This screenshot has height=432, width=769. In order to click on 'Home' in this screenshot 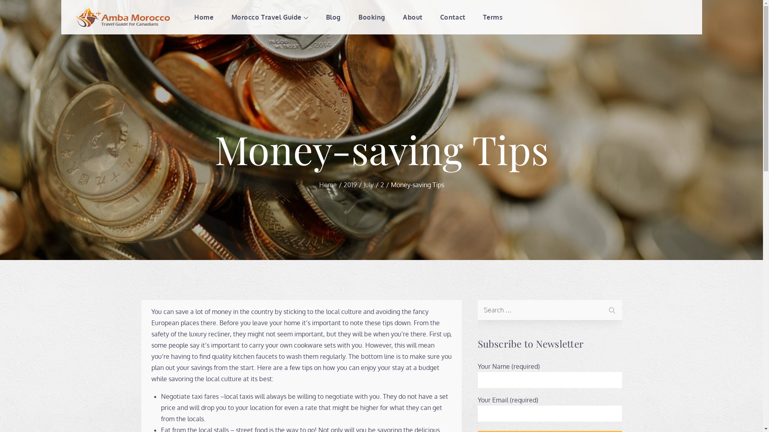, I will do `click(203, 17)`.